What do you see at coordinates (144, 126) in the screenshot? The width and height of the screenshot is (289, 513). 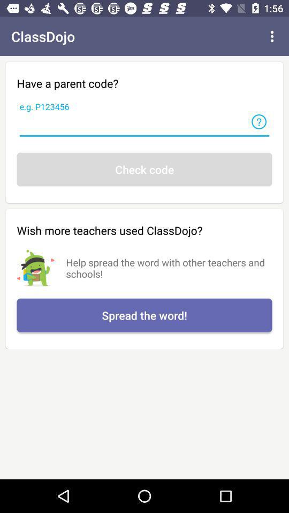 I see `parent code` at bounding box center [144, 126].